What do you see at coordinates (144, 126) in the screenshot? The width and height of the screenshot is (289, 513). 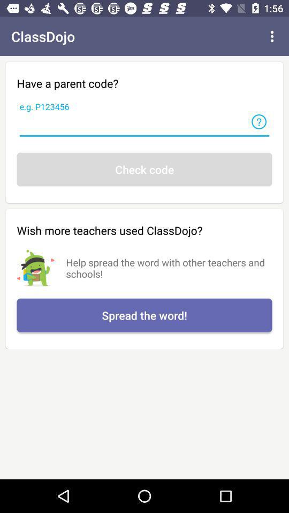 I see `parent code` at bounding box center [144, 126].